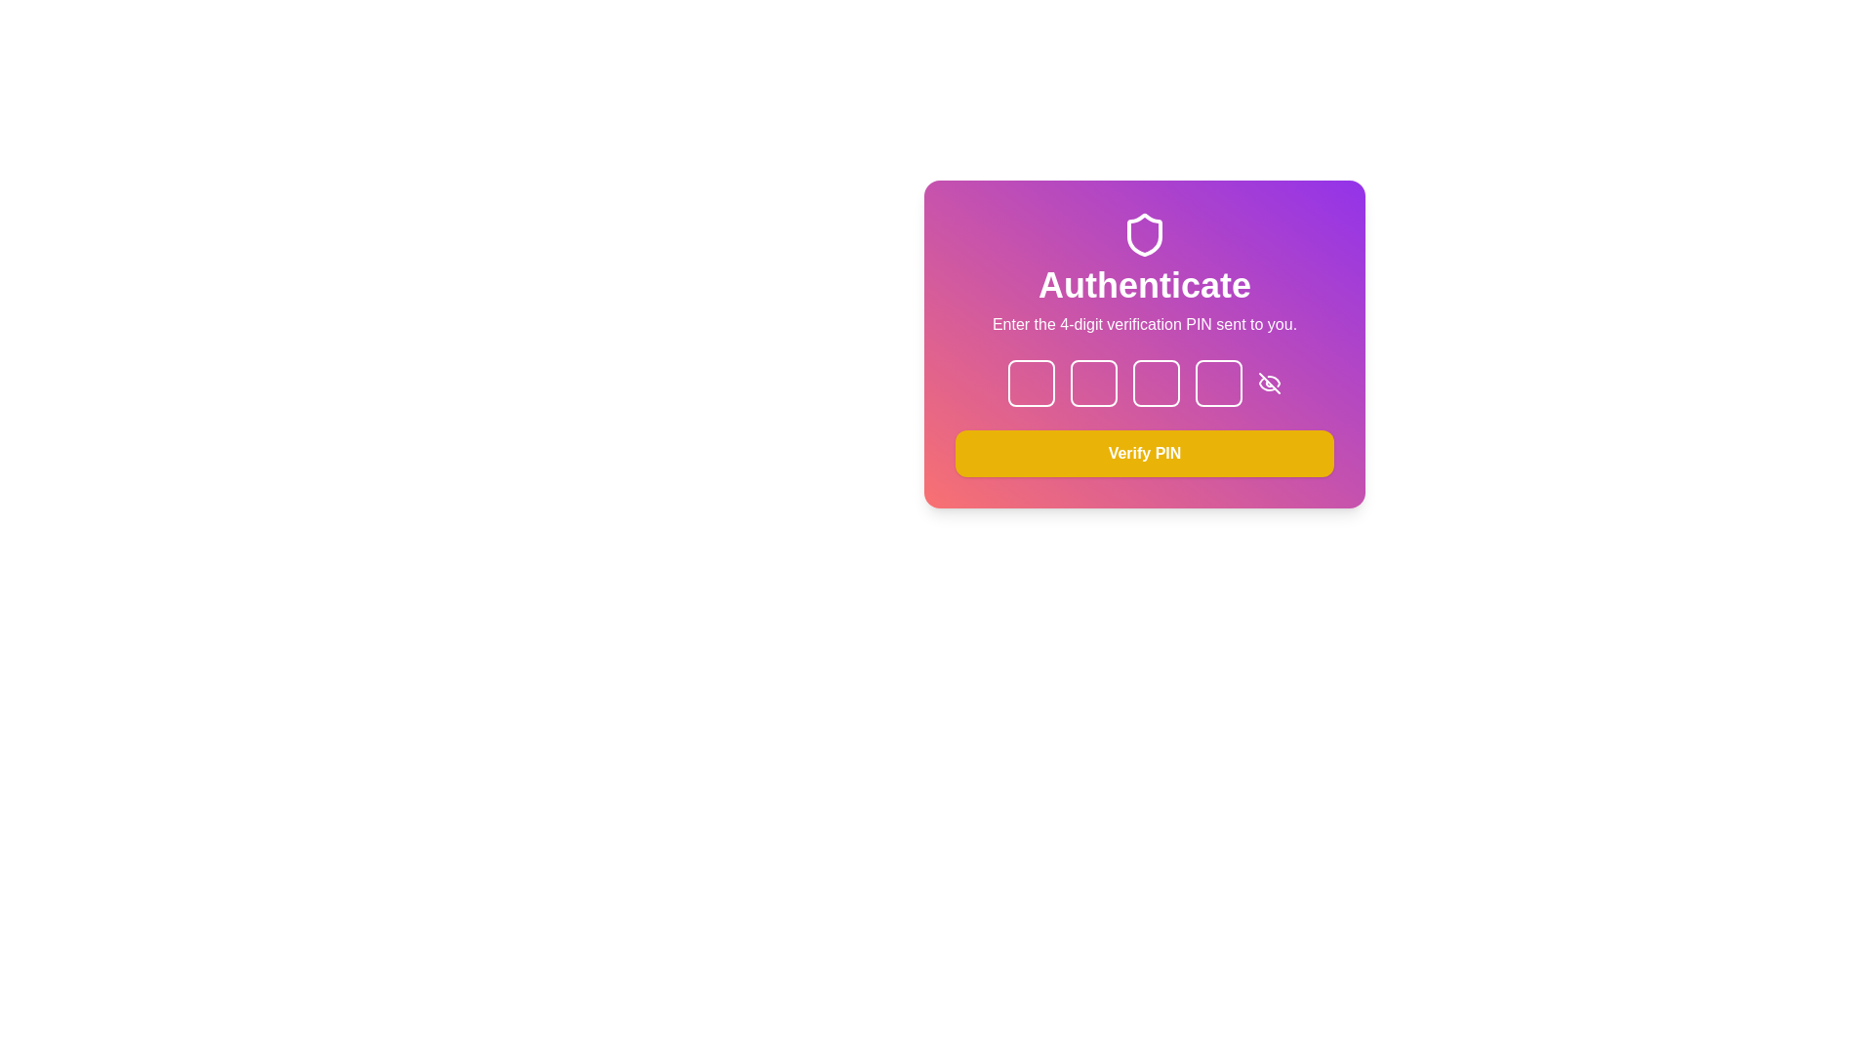 This screenshot has width=1874, height=1054. Describe the element at coordinates (1269, 384) in the screenshot. I see `the icon button located to the right of the last box in the PIN input section` at that location.